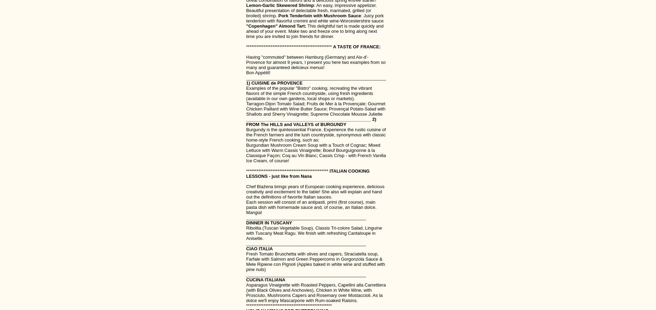  I want to click on '__________________________________________________
2) FROM The HILLS and VALLEYS of BURGUNDY', so click(310, 122).